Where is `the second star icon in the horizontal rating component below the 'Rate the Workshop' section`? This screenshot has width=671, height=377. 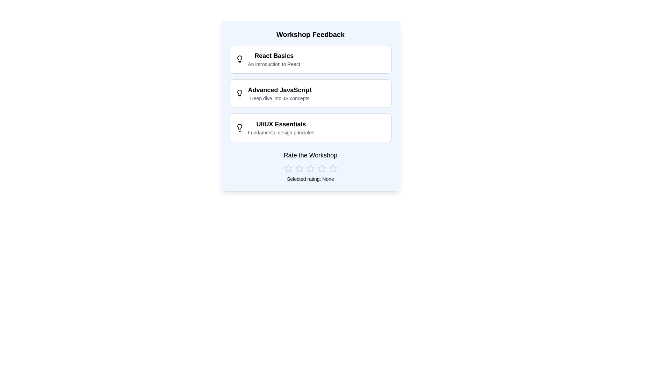 the second star icon in the horizontal rating component below the 'Rate the Workshop' section is located at coordinates (299, 168).